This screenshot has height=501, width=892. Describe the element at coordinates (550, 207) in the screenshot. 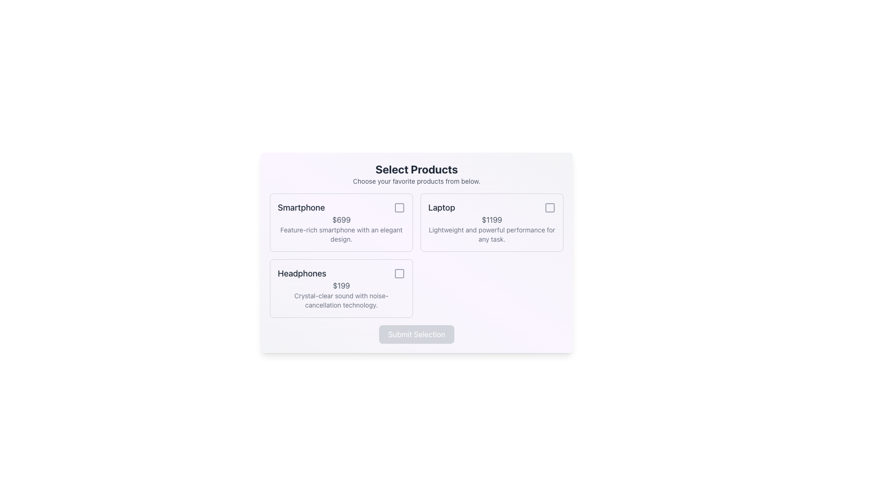

I see `the interactive checkbox for the 'Laptop' product entry, which is visually indicated by a hollow square in the top-right corner of the checkbox component` at that location.